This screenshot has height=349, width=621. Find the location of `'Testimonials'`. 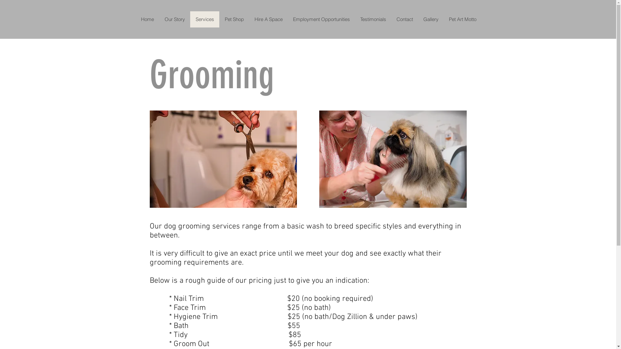

'Testimonials' is located at coordinates (355, 19).